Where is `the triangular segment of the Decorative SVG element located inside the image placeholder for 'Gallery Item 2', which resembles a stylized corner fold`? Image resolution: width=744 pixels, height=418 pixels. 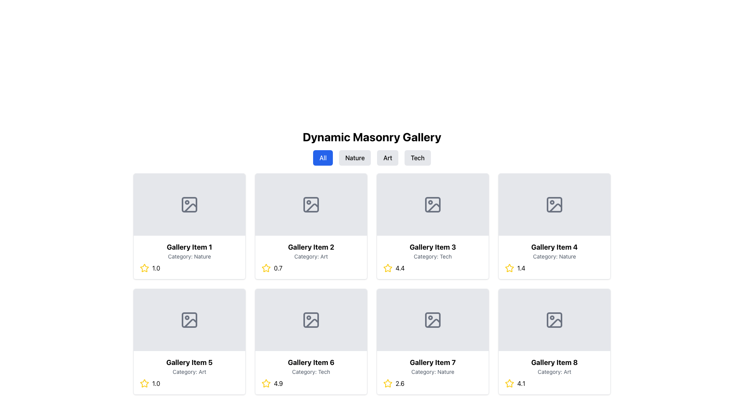 the triangular segment of the Decorative SVG element located inside the image placeholder for 'Gallery Item 2', which resembles a stylized corner fold is located at coordinates (312, 207).